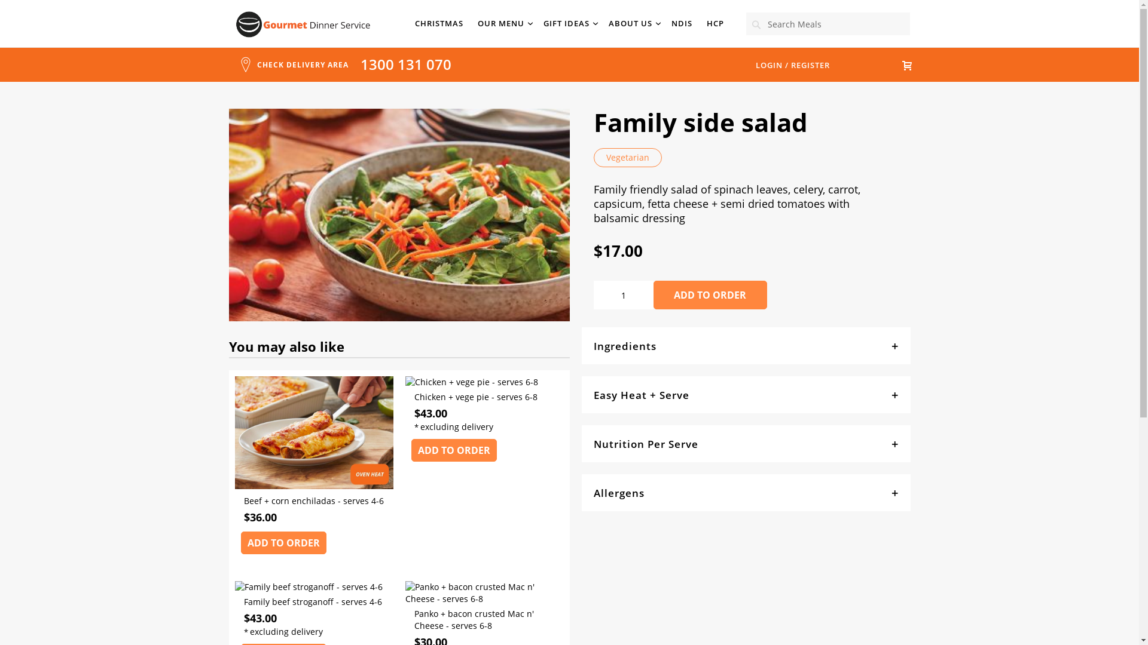 The image size is (1148, 645). I want to click on 'Search', so click(756, 24).